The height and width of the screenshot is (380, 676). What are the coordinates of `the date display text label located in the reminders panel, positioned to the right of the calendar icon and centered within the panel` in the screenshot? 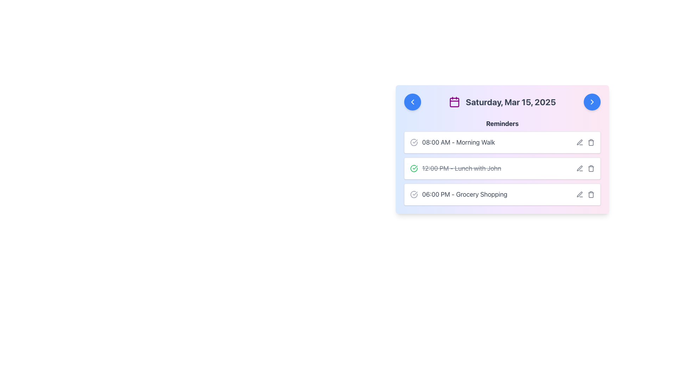 It's located at (511, 102).